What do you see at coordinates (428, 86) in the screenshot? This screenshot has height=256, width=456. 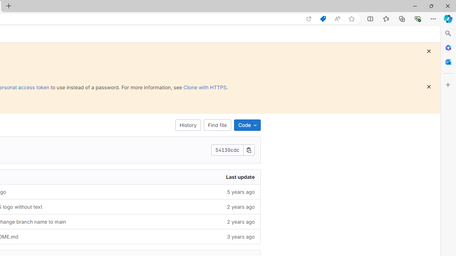 I see `'Class: s16 gl-icon gl-button-icon '` at bounding box center [428, 86].